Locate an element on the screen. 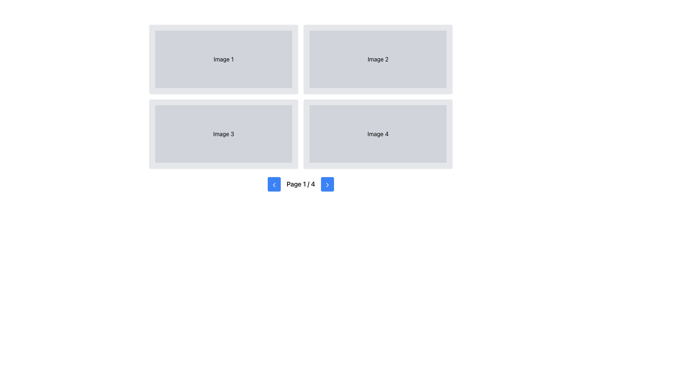 The width and height of the screenshot is (691, 388). the chevron icon located within the blue navigation button on the right side of the pagination section is located at coordinates (327, 184).